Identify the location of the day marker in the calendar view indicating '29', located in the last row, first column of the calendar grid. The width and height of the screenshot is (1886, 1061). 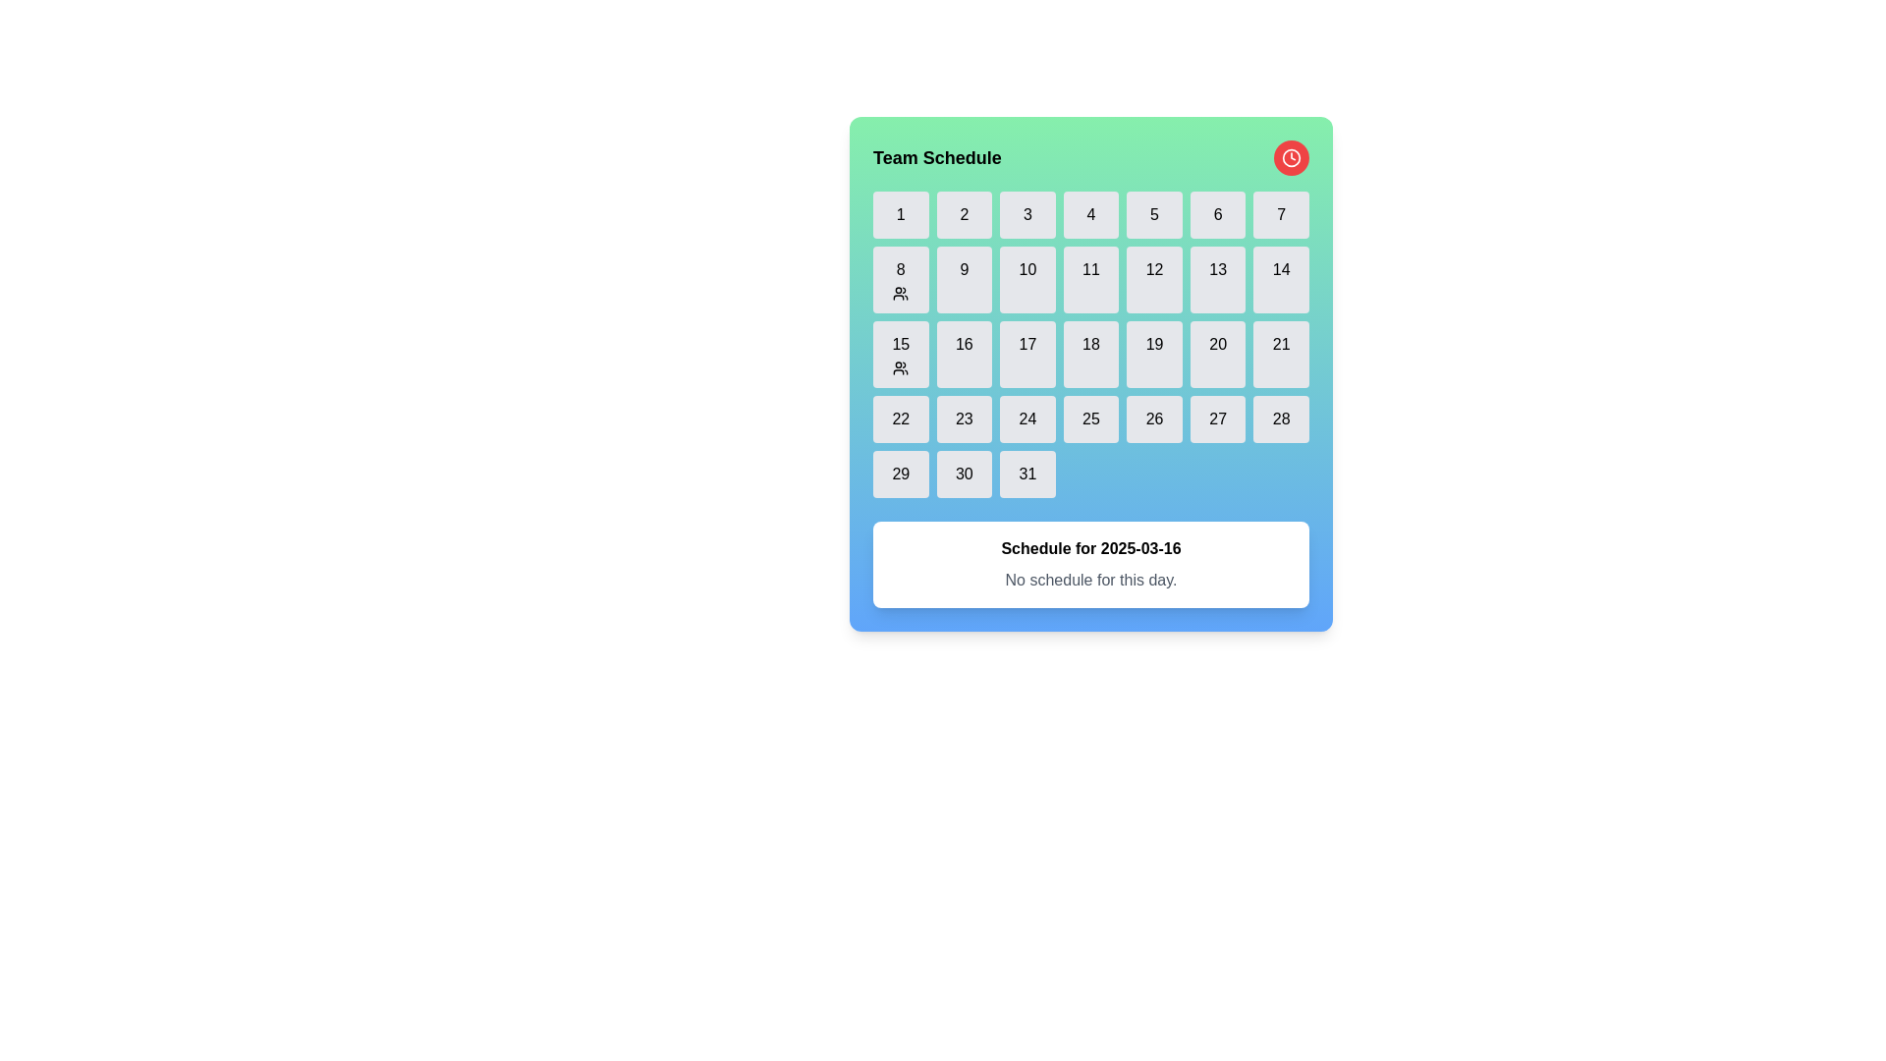
(900, 474).